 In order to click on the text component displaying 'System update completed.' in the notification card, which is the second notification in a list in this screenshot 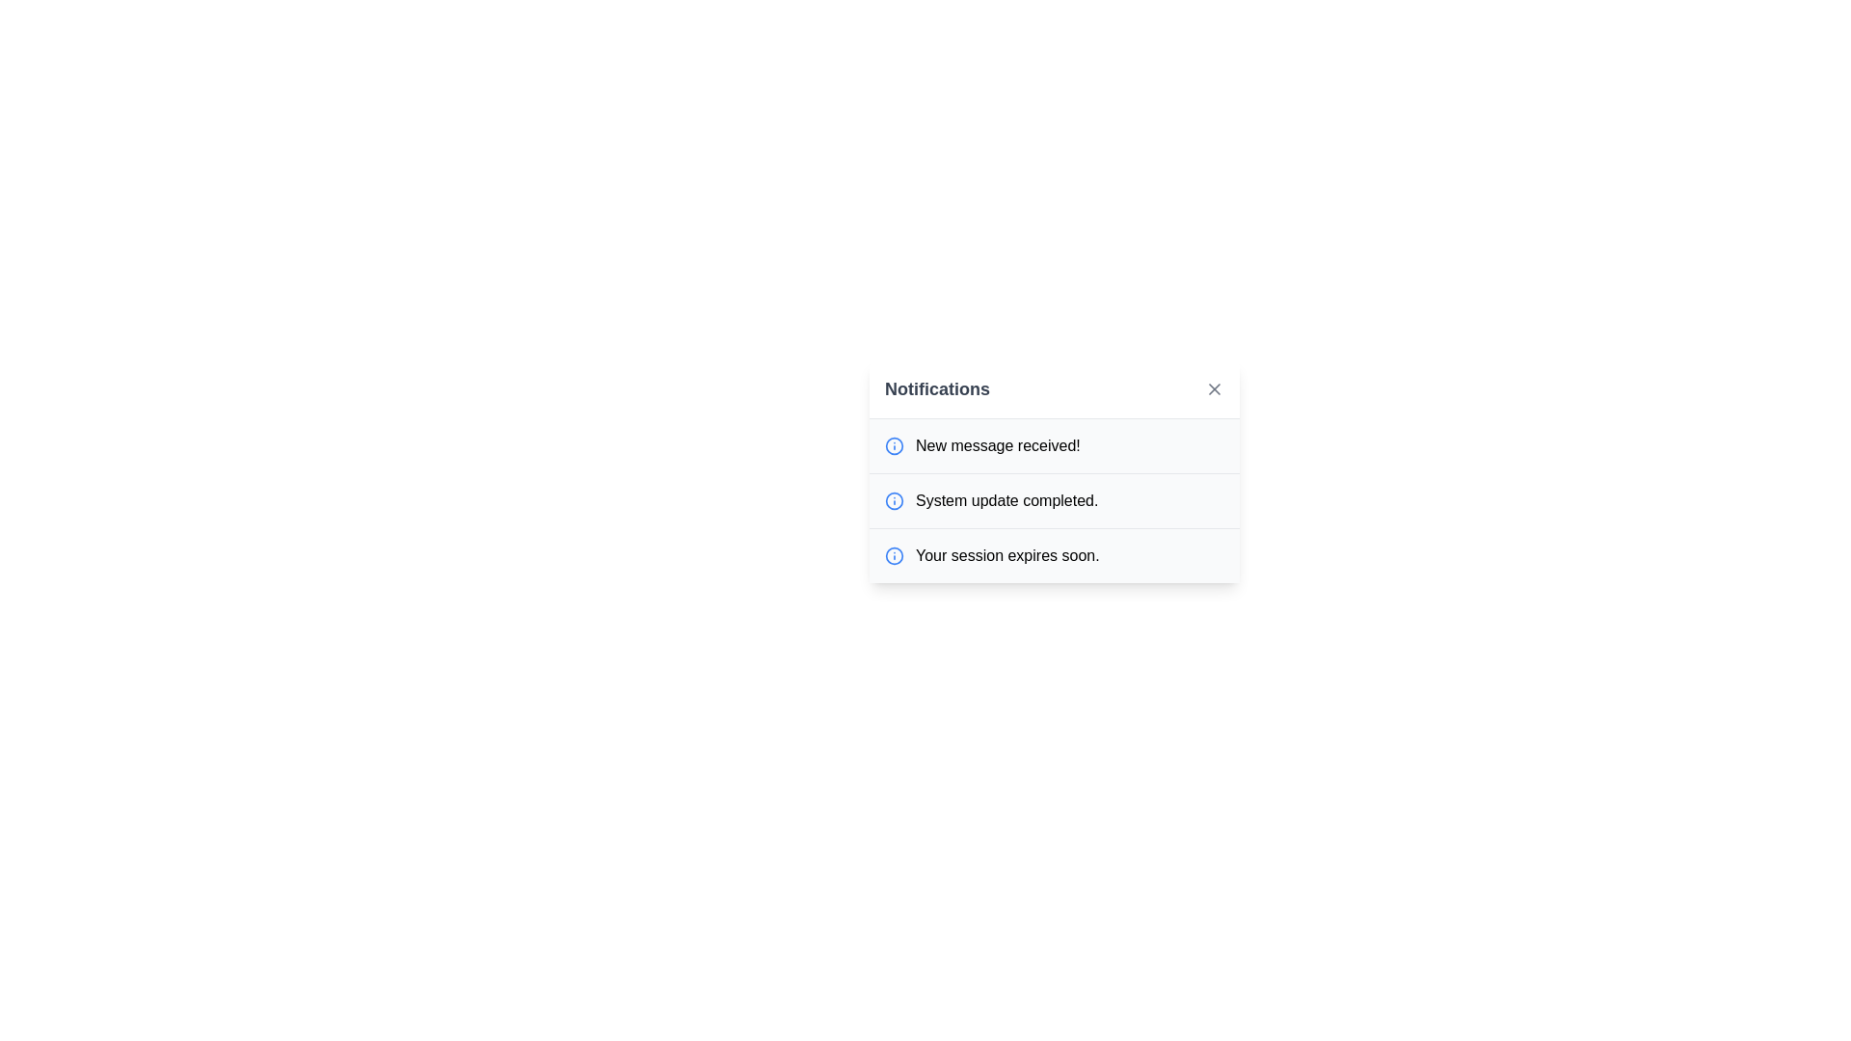, I will do `click(1006, 500)`.